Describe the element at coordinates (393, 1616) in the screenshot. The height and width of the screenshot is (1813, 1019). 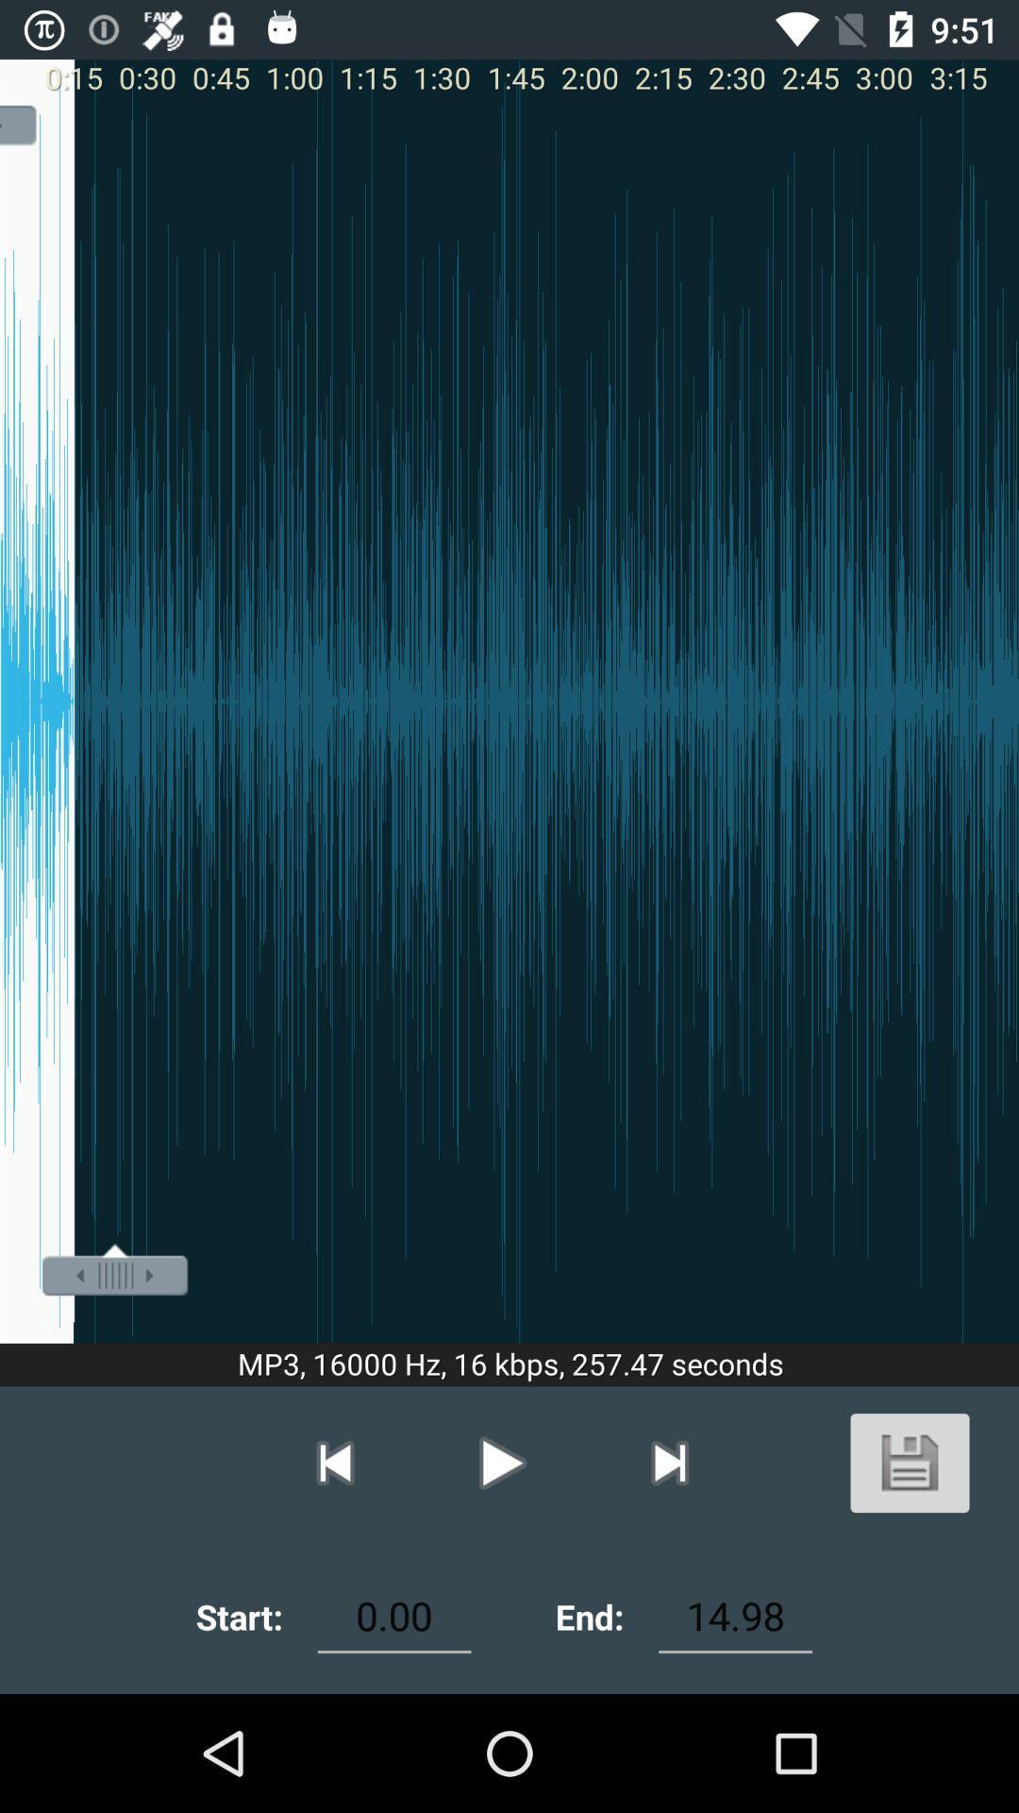
I see `the timer text box which is right side of the text start` at that location.